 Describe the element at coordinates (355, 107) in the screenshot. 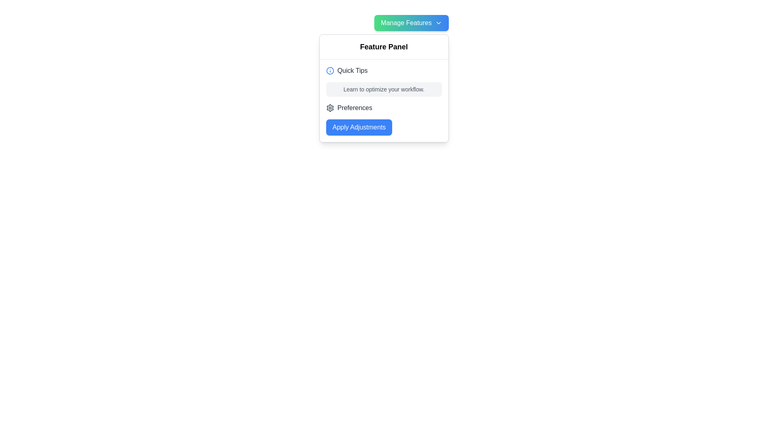

I see `the text label displaying 'Preferences' which is aligned with a gear-like icon on its left, located in the 'Feature Panel' below the 'Quick Tips' section` at that location.